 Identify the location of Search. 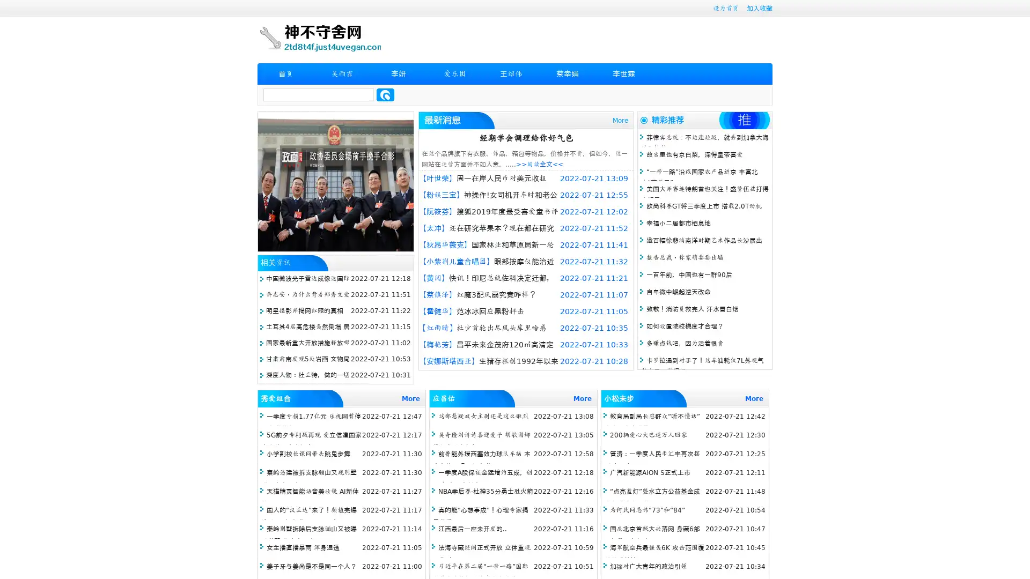
(385, 94).